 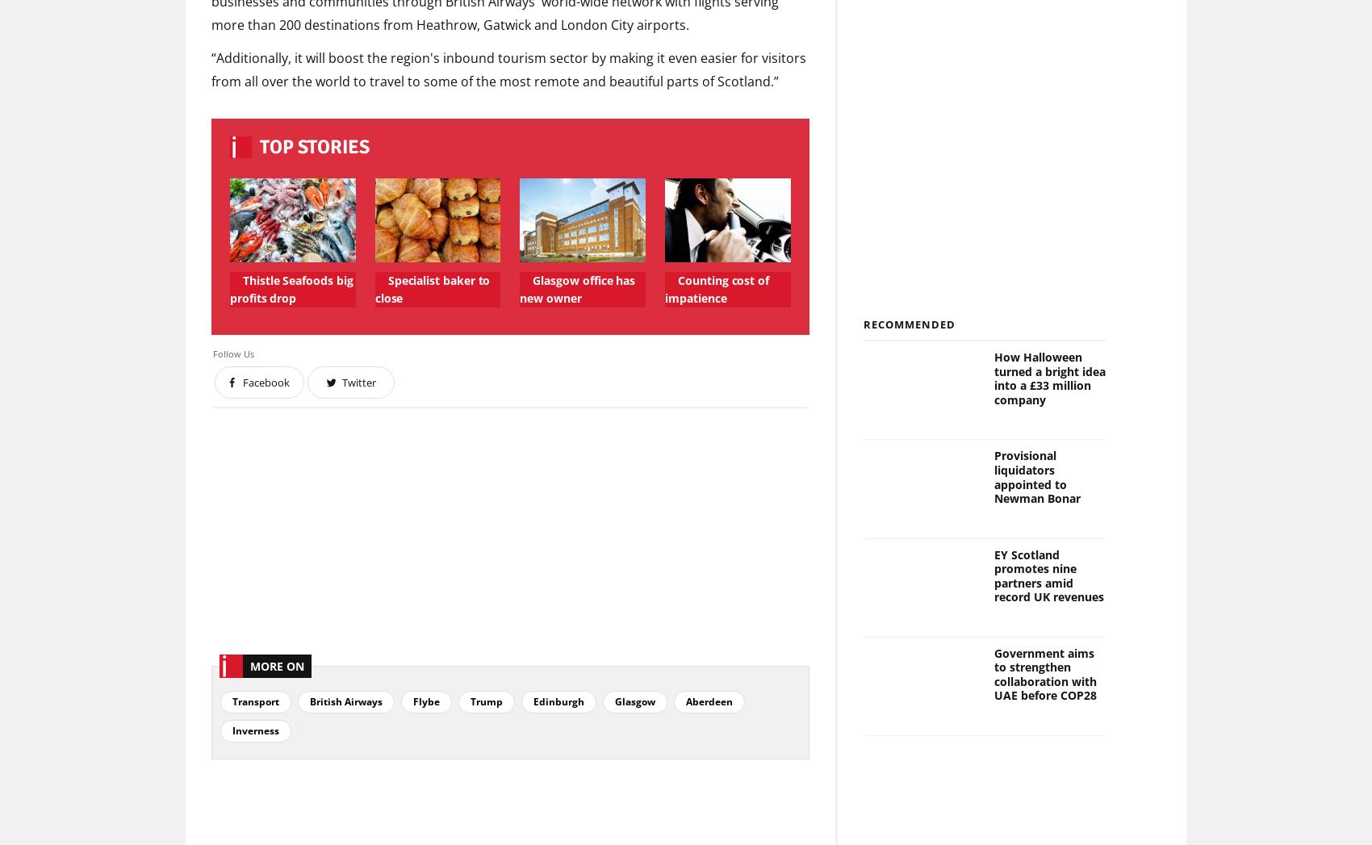 I want to click on 'Twitter', so click(x=341, y=382).